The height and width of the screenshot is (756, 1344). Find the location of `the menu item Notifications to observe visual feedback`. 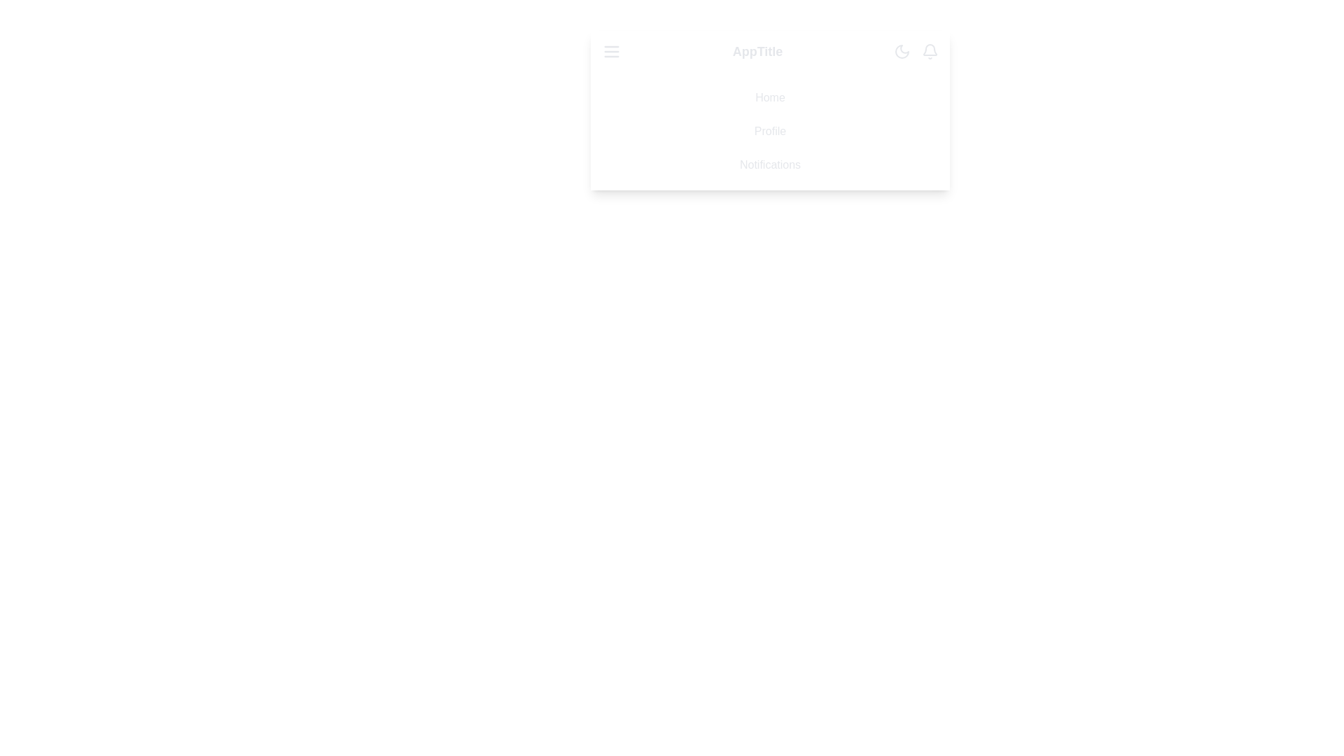

the menu item Notifications to observe visual feedback is located at coordinates (769, 164).